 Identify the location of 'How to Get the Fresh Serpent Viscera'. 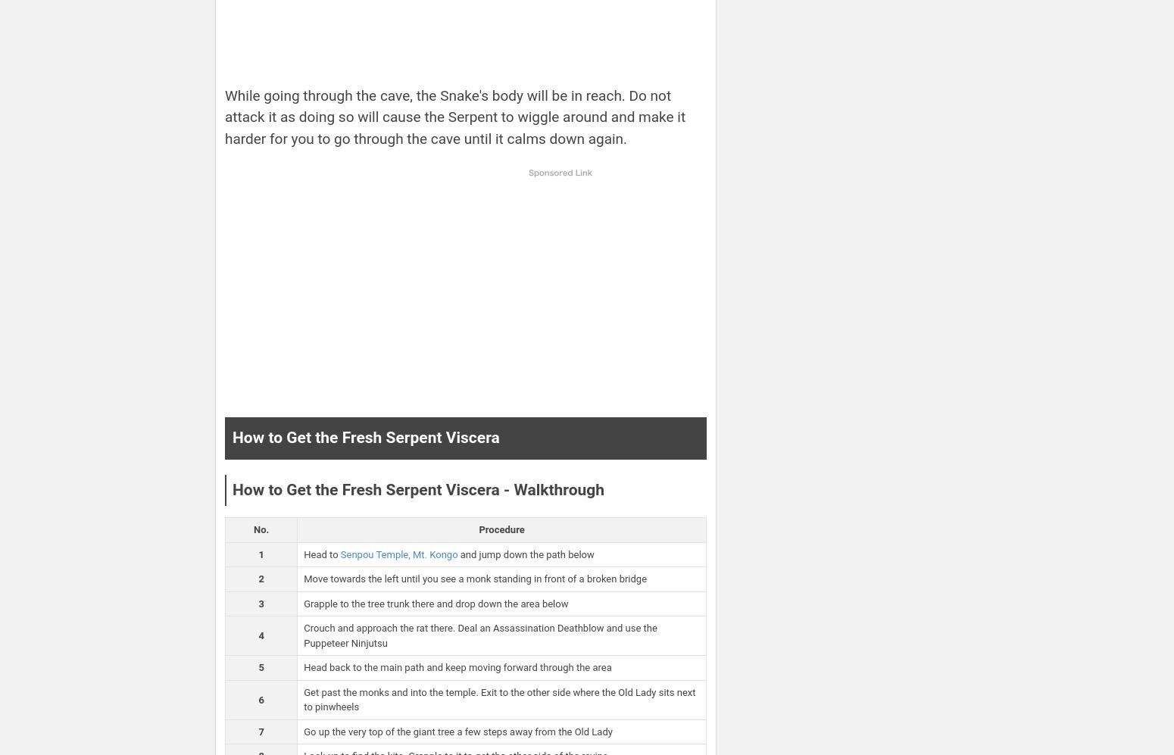
(233, 437).